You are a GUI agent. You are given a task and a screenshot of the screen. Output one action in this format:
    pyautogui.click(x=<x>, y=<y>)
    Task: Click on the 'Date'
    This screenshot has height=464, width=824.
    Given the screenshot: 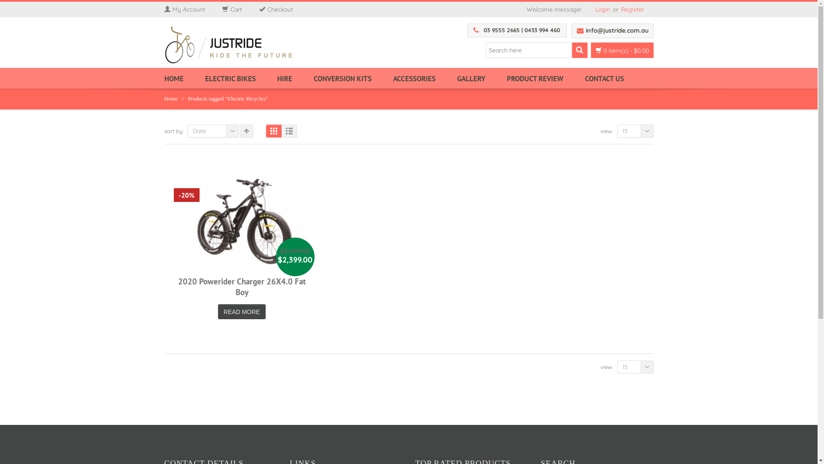 What is the action you would take?
    pyautogui.click(x=212, y=131)
    